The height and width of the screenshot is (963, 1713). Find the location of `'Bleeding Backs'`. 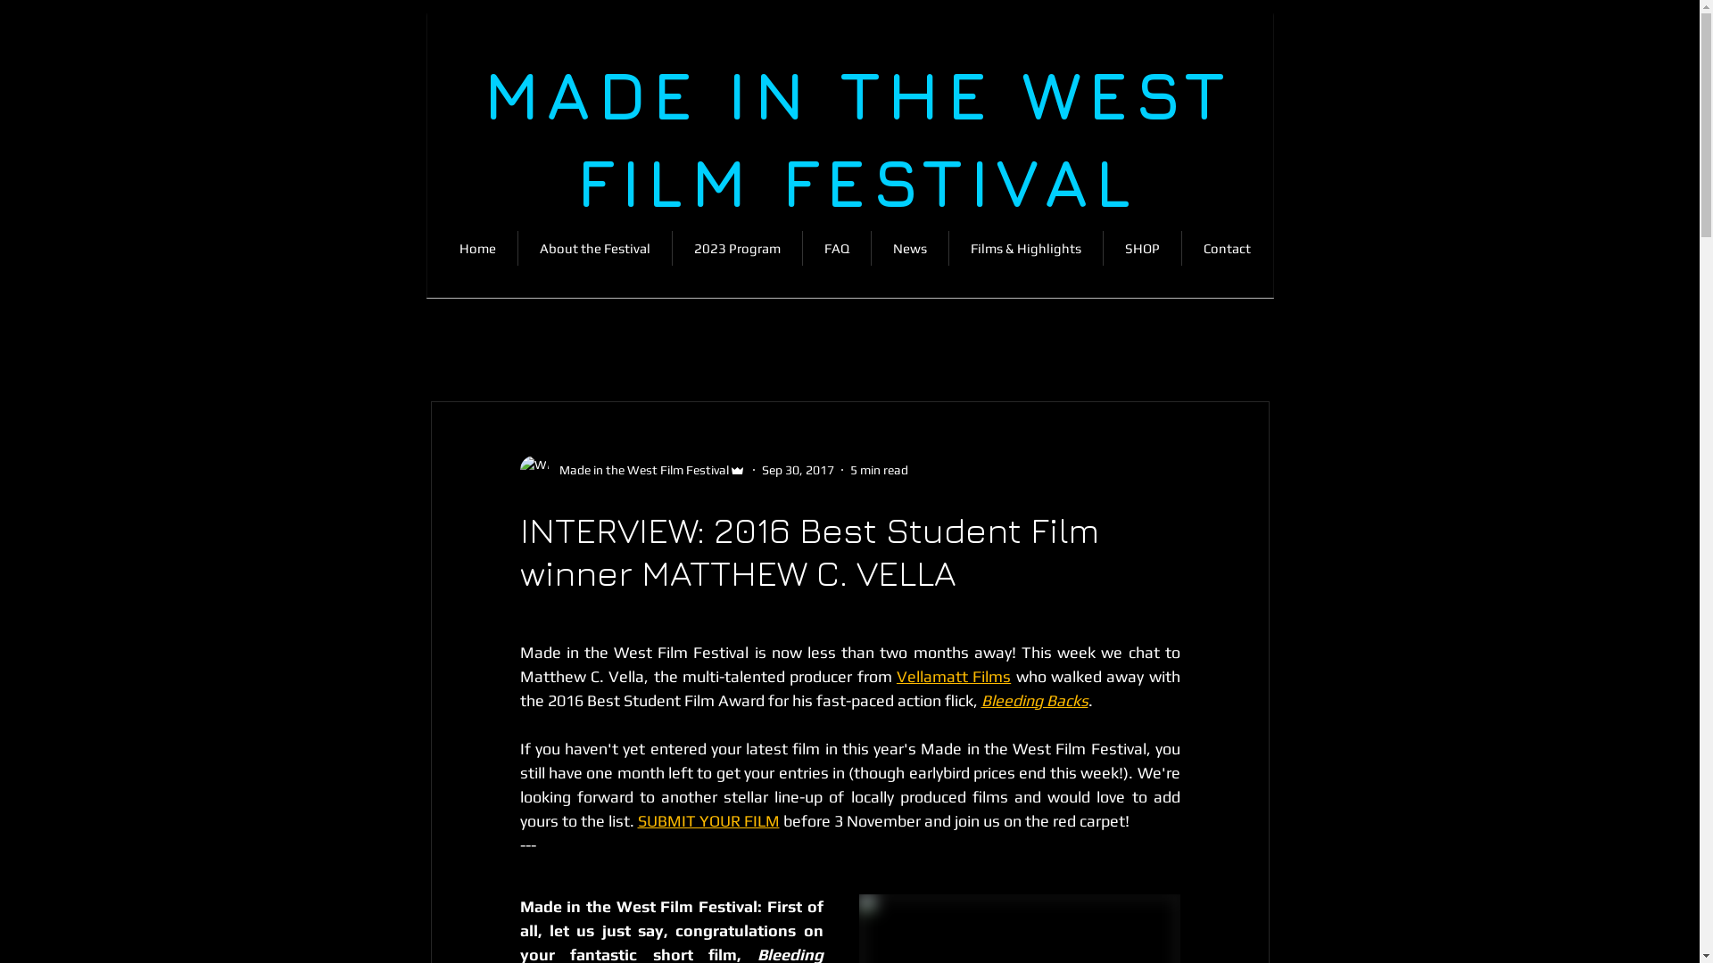

'Bleeding Backs' is located at coordinates (1035, 699).